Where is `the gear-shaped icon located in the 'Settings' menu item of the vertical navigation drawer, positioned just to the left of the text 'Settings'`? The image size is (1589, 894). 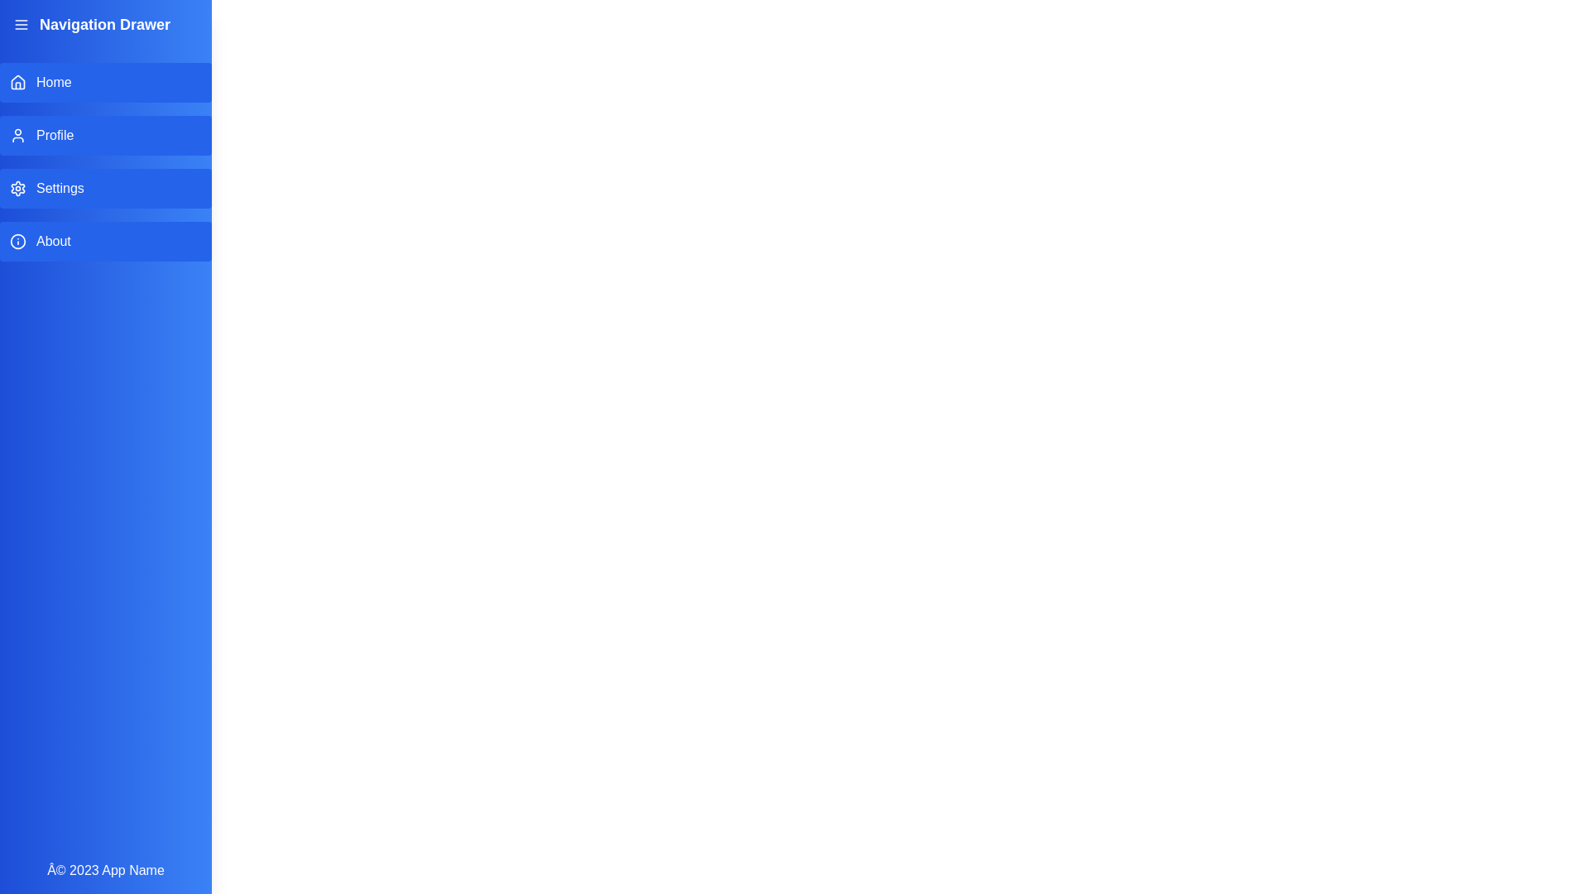
the gear-shaped icon located in the 'Settings' menu item of the vertical navigation drawer, positioned just to the left of the text 'Settings' is located at coordinates (18, 187).